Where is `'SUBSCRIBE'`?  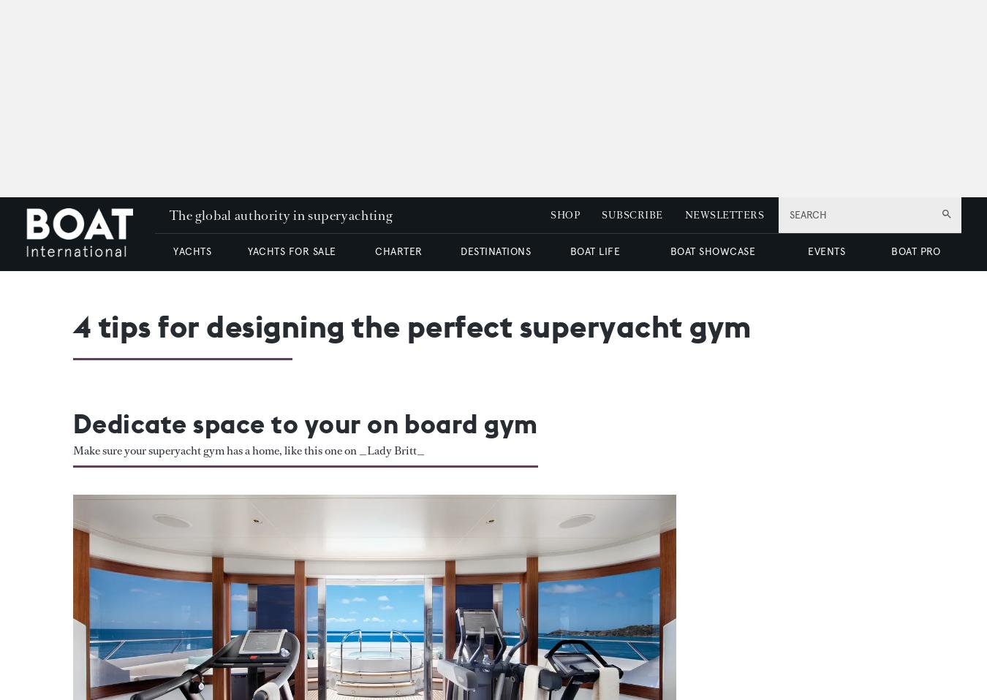
'SUBSCRIBE' is located at coordinates (632, 215).